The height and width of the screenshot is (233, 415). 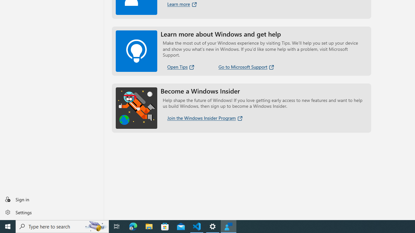 I want to click on 'Visual Studio Code - 1 running window', so click(x=196, y=226).